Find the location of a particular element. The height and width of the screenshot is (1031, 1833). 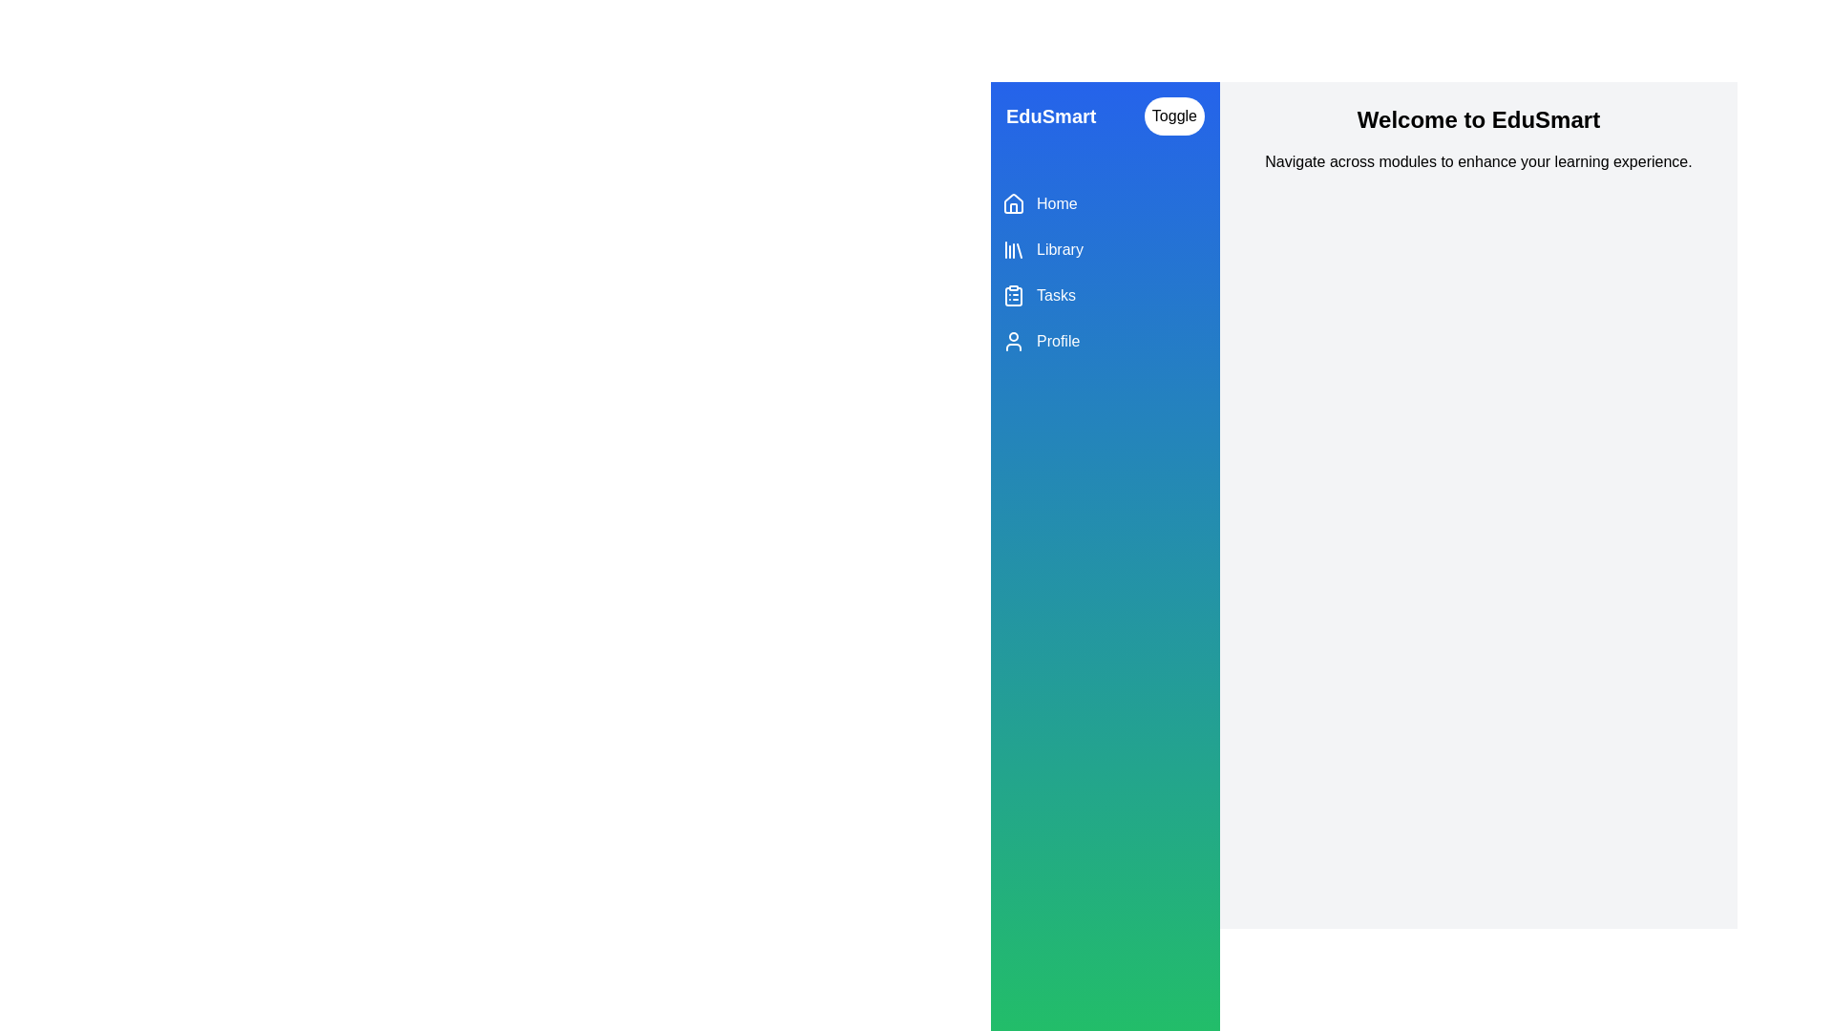

the Library icon in the menu is located at coordinates (1012, 249).